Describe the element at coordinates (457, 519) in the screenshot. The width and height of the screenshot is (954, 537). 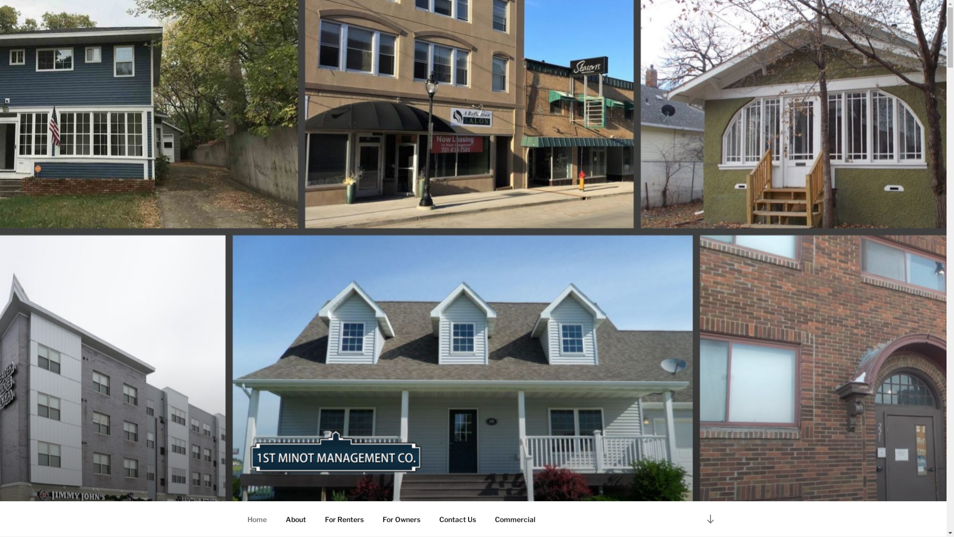
I see `'Contact Us'` at that location.